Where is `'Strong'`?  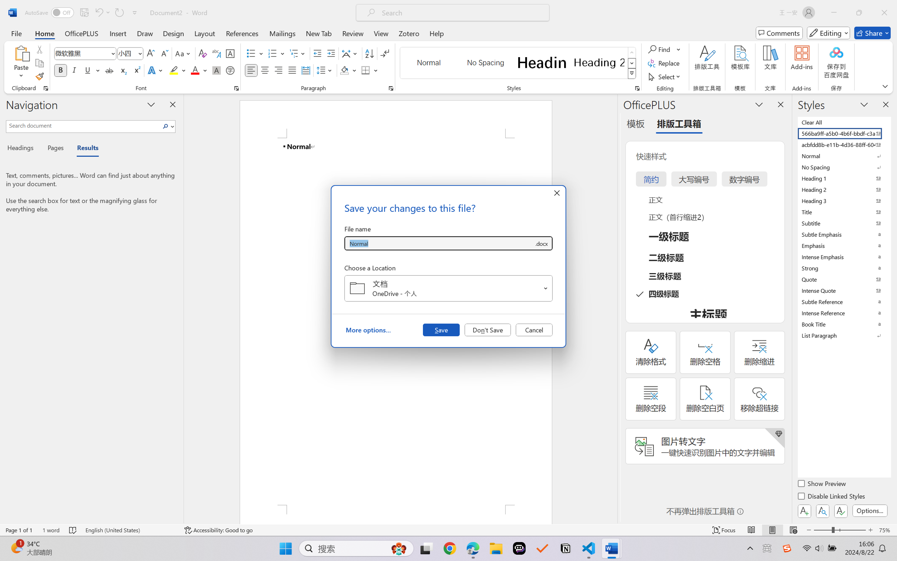 'Strong' is located at coordinates (843, 268).